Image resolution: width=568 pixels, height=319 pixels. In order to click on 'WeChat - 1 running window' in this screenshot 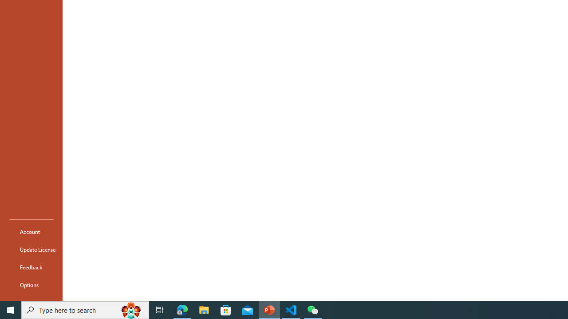, I will do `click(313, 309)`.